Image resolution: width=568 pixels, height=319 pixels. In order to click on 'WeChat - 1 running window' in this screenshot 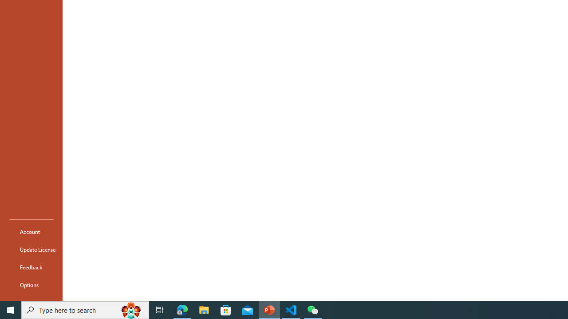, I will do `click(313, 309)`.